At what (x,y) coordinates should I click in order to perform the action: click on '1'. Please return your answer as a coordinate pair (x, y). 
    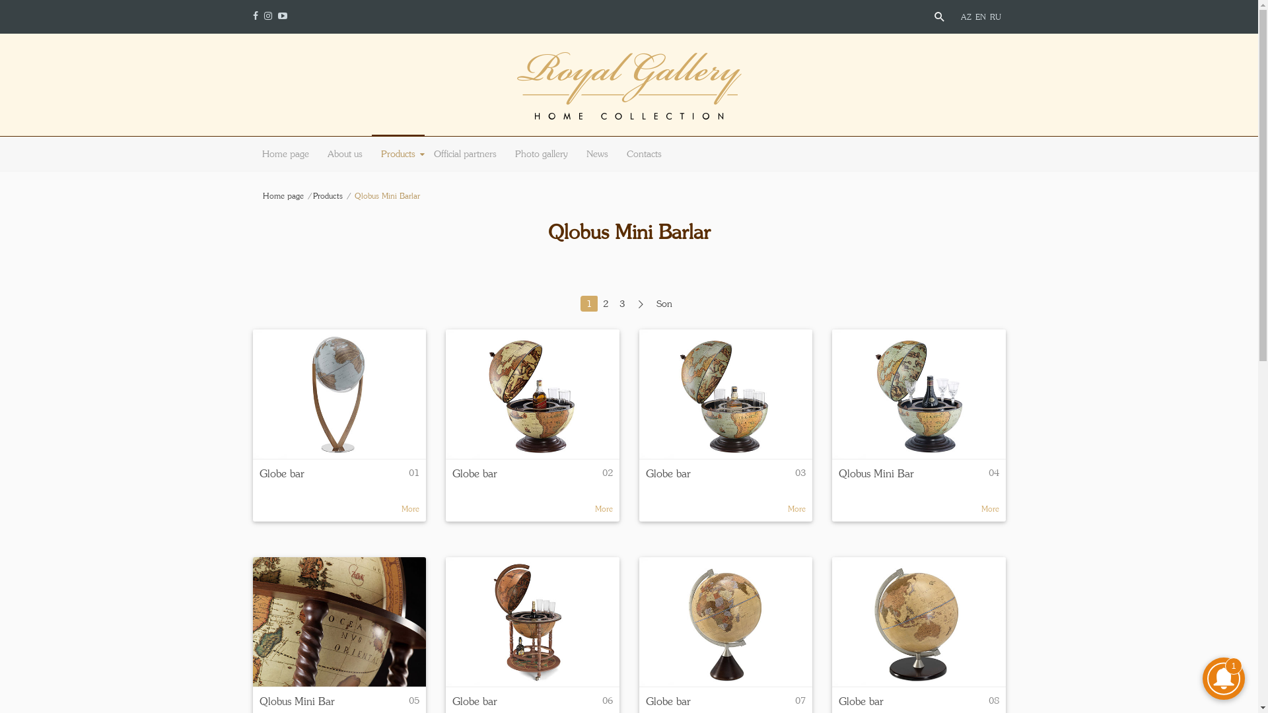
    Looking at the image, I should click on (588, 303).